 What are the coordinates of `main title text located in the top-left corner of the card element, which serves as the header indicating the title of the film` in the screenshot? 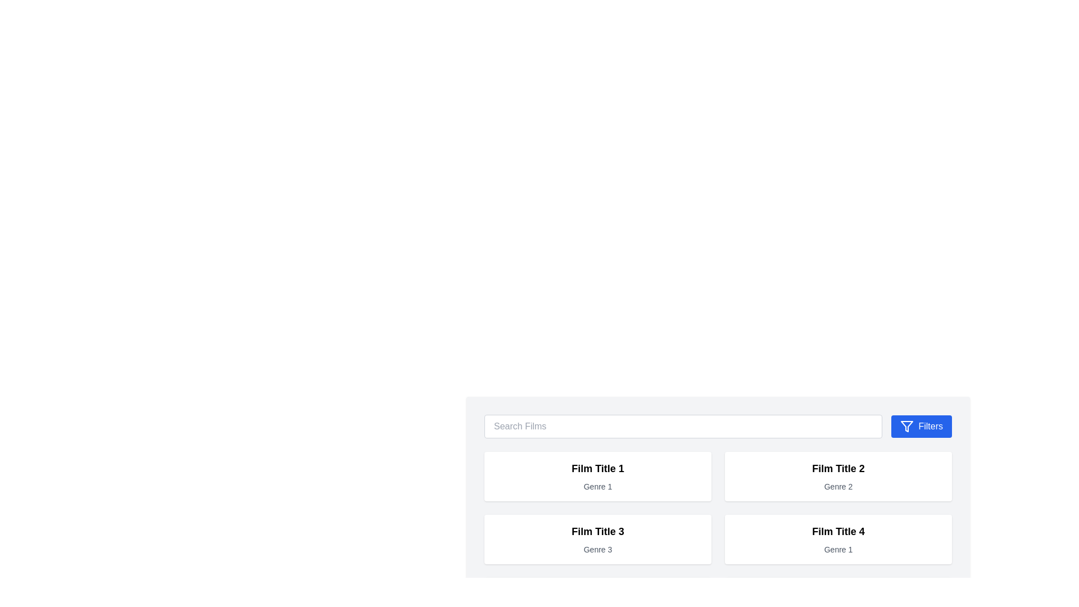 It's located at (597, 468).